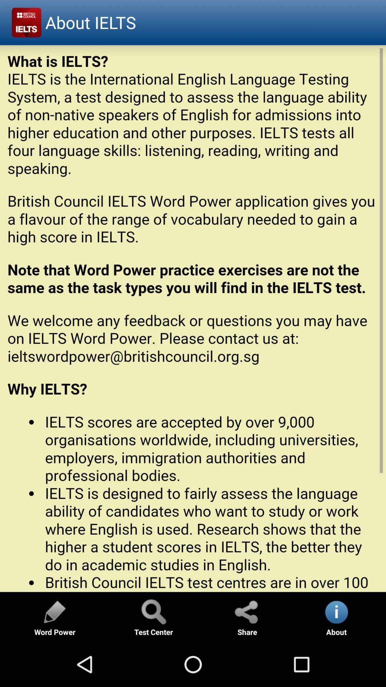 Image resolution: width=386 pixels, height=687 pixels. I want to click on the search icon, so click(153, 655).